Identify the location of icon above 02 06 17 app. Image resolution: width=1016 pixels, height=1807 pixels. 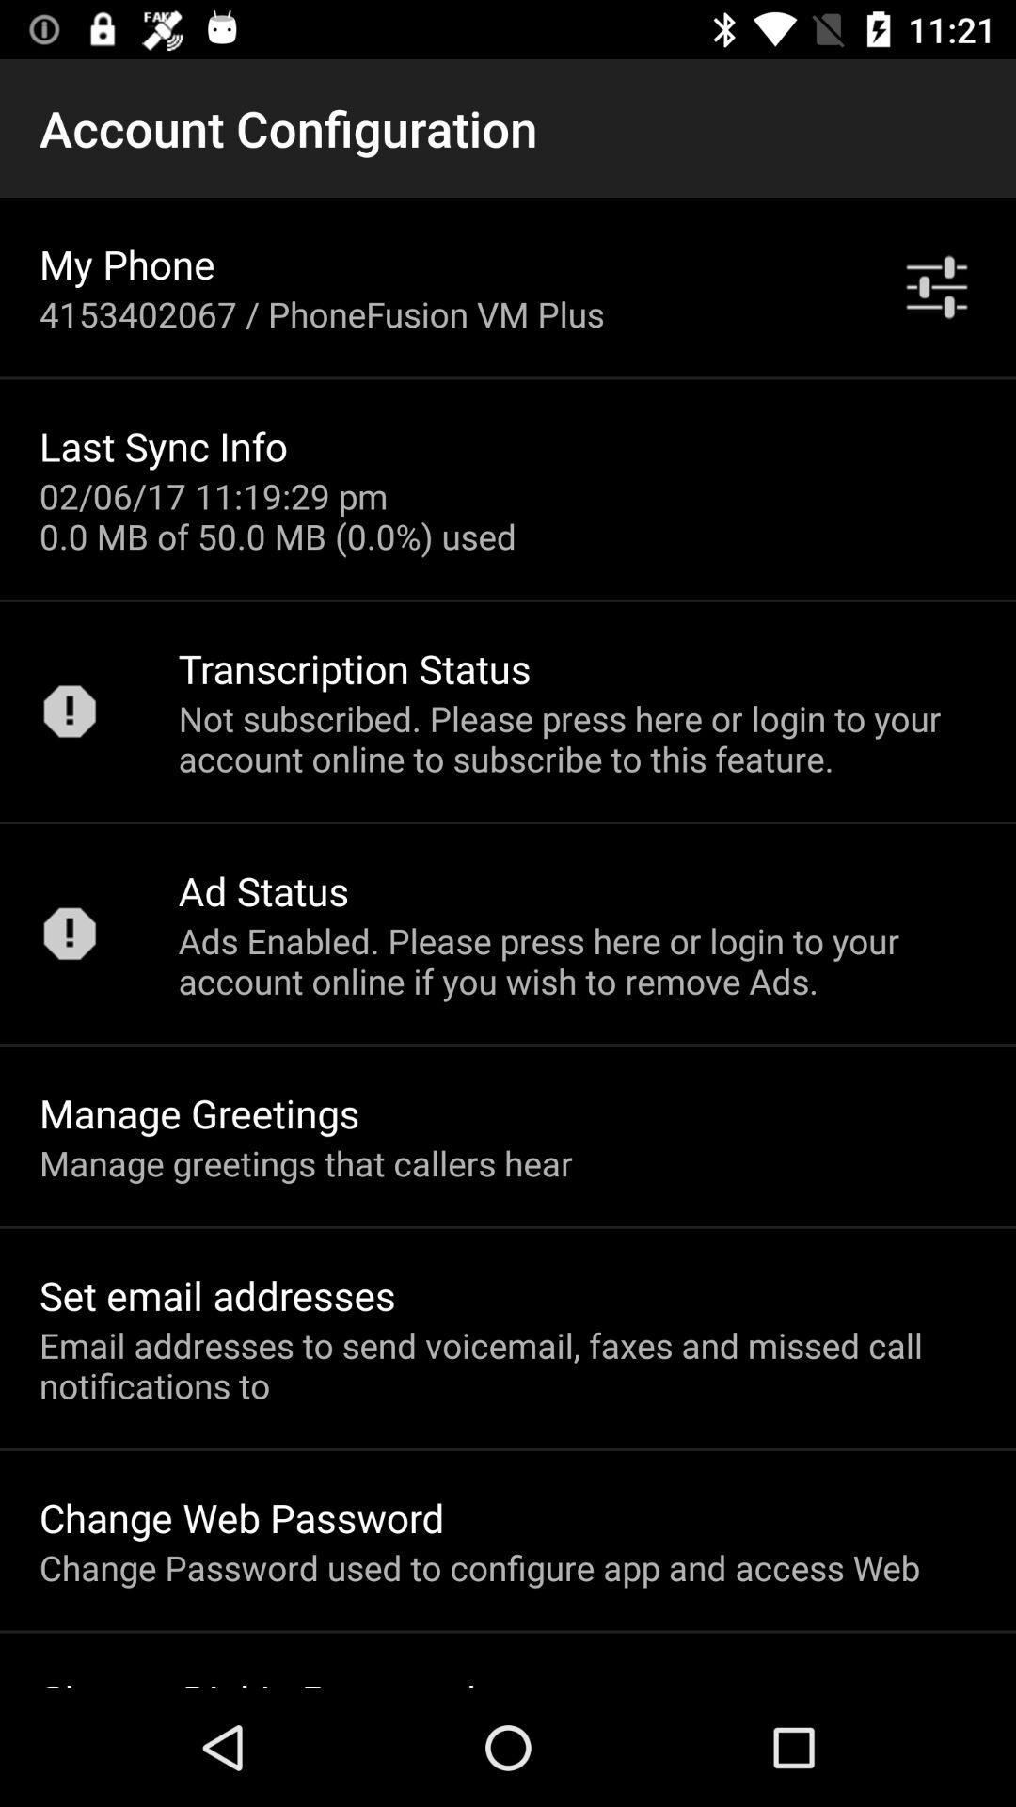
(162, 445).